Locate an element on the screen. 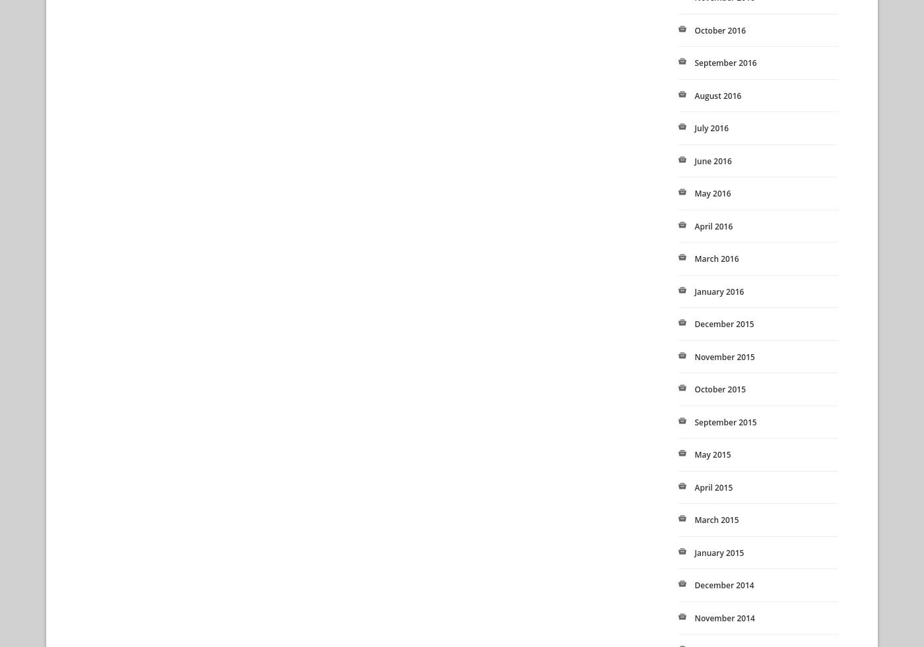  'April 2015' is located at coordinates (713, 487).